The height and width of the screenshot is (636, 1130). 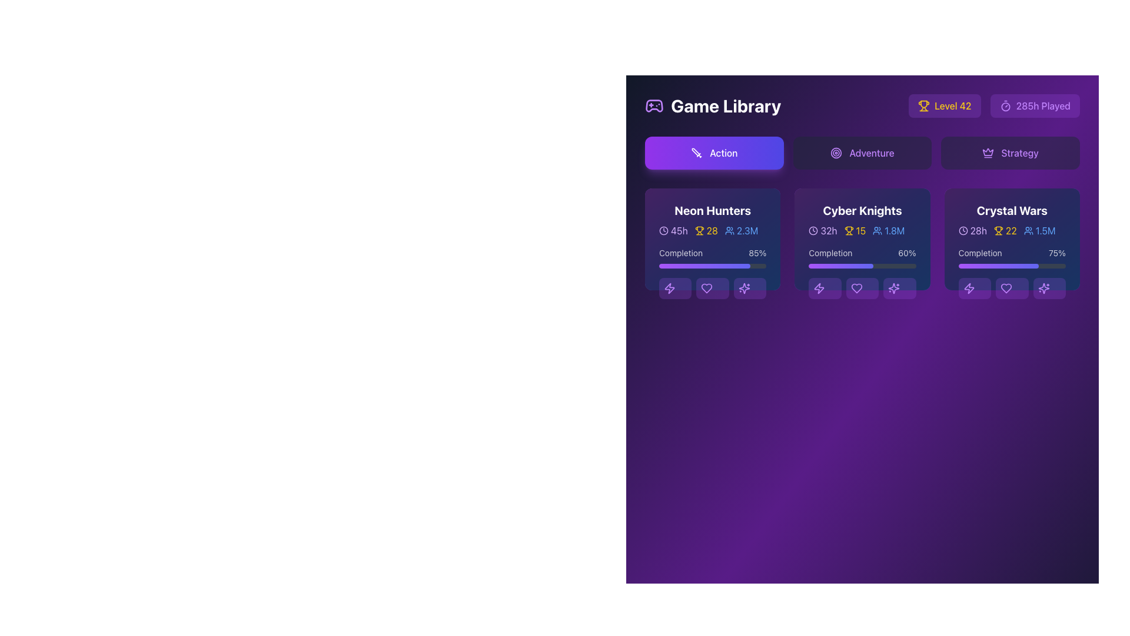 What do you see at coordinates (713, 152) in the screenshot?
I see `the horizontally elongated button with rounded corners displaying a gradient background from purple to indigo, which contains a white sword icon and the text 'Action'` at bounding box center [713, 152].